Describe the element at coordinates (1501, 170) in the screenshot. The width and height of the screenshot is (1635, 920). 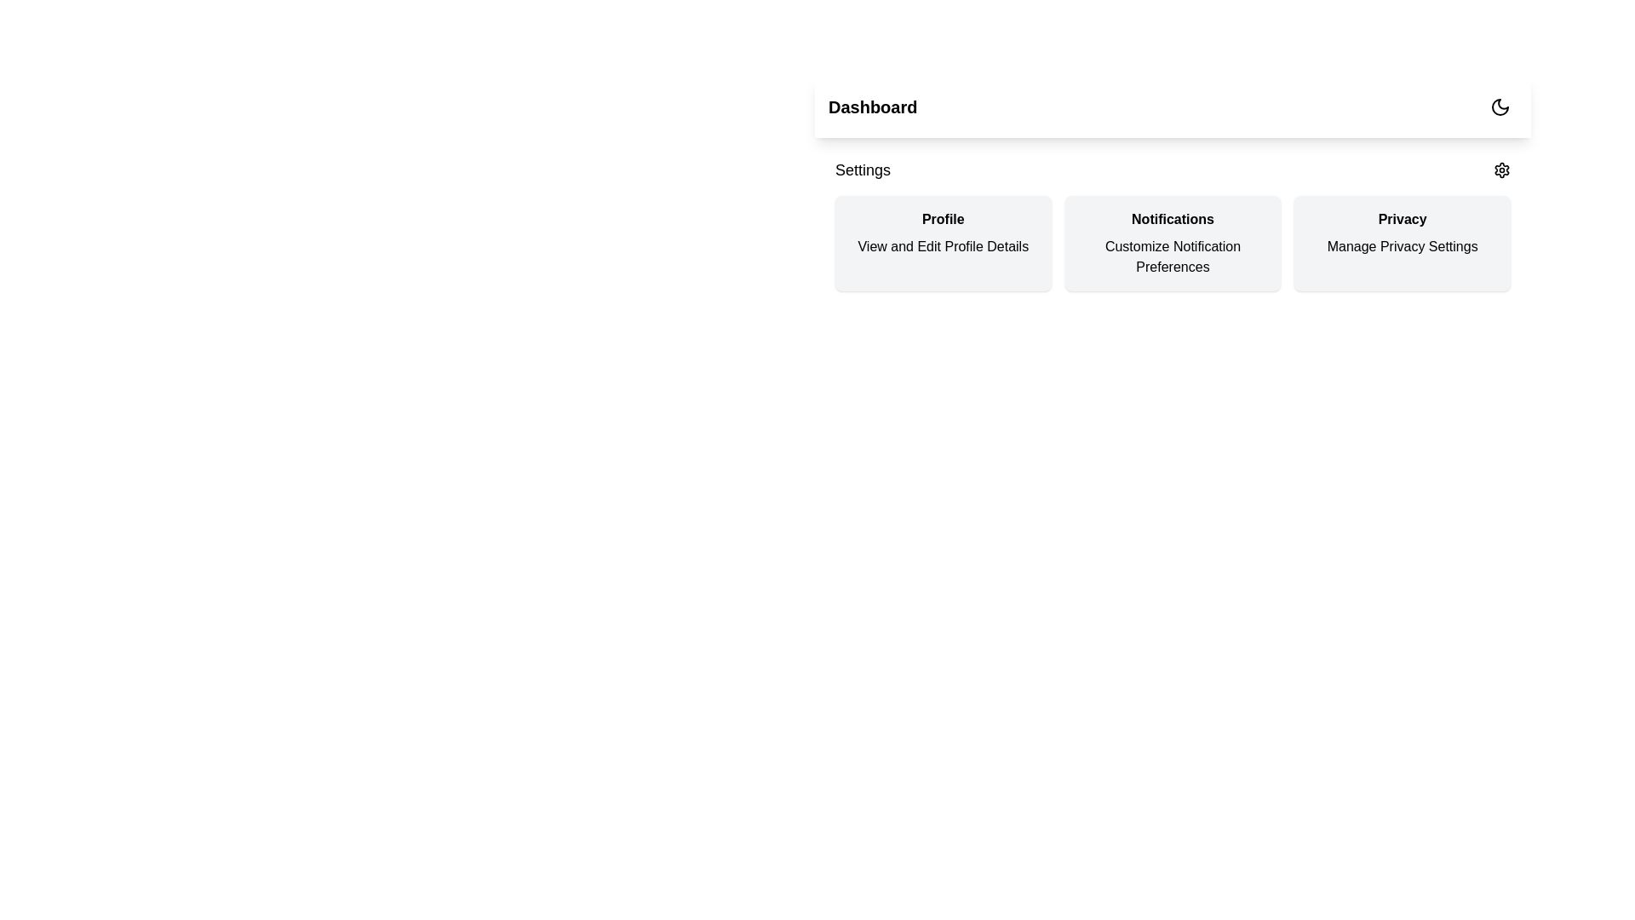
I see `the cogwheel icon in the top-right corner of the settings panel` at that location.